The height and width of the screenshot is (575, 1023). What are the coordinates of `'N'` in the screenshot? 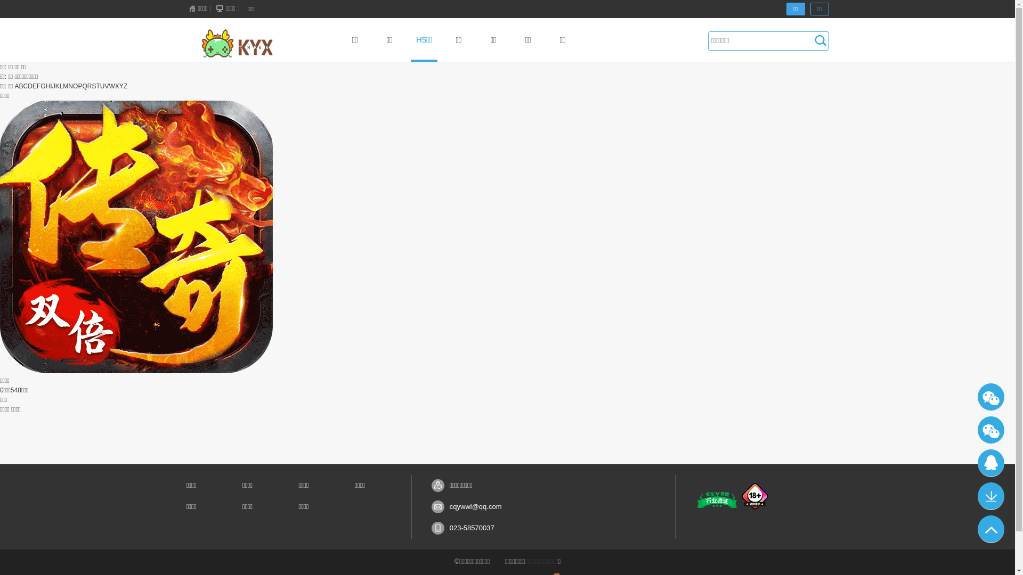 It's located at (70, 86).